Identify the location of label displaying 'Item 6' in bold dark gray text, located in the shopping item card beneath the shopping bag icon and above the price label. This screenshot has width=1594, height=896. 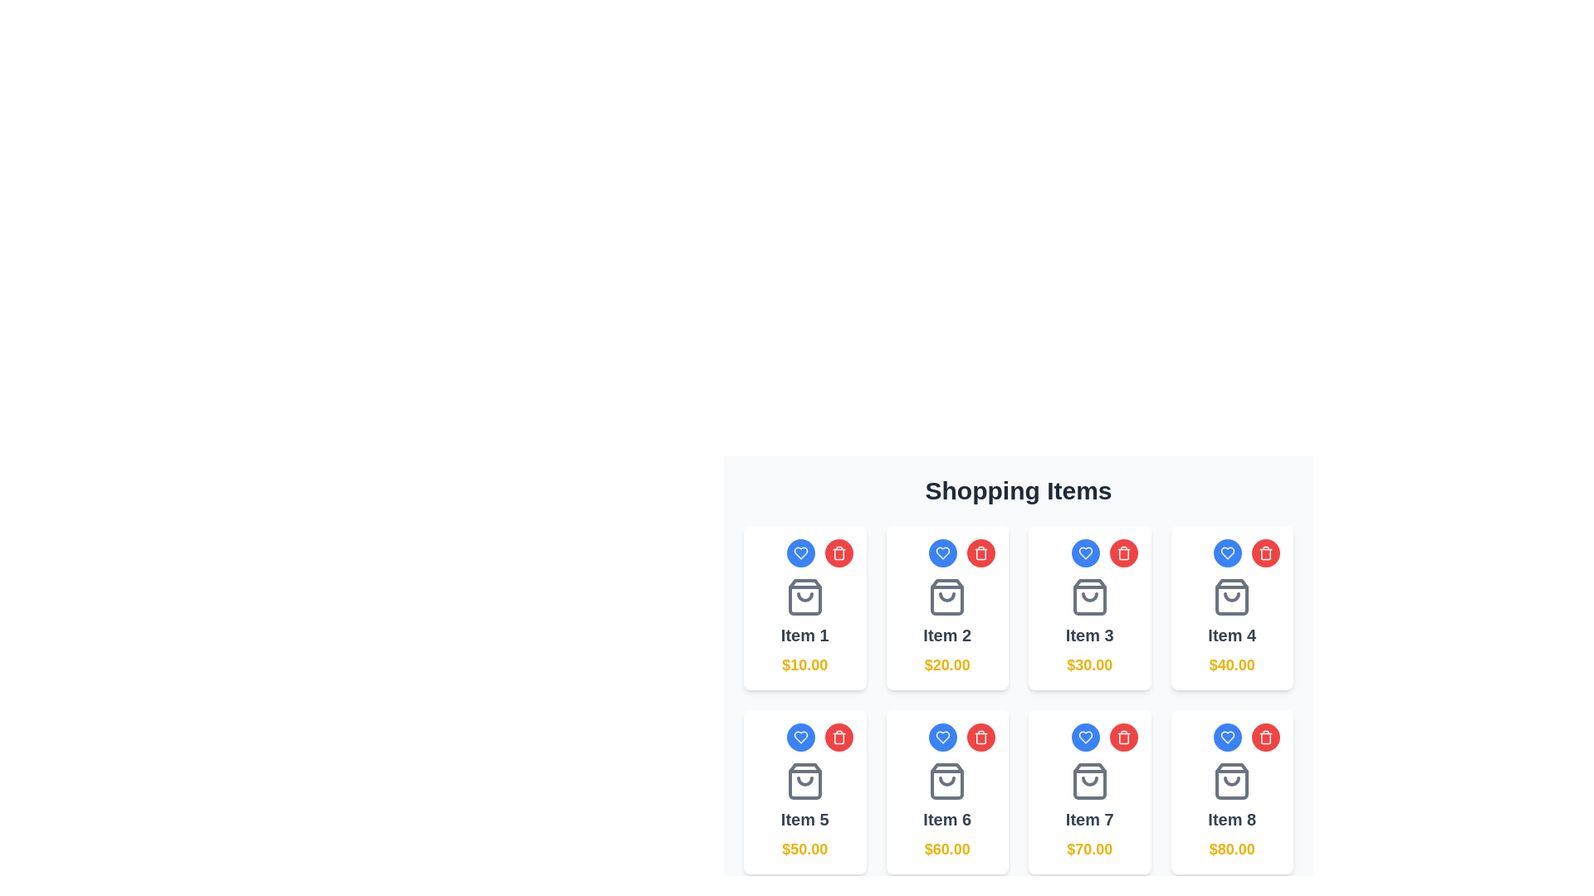
(947, 818).